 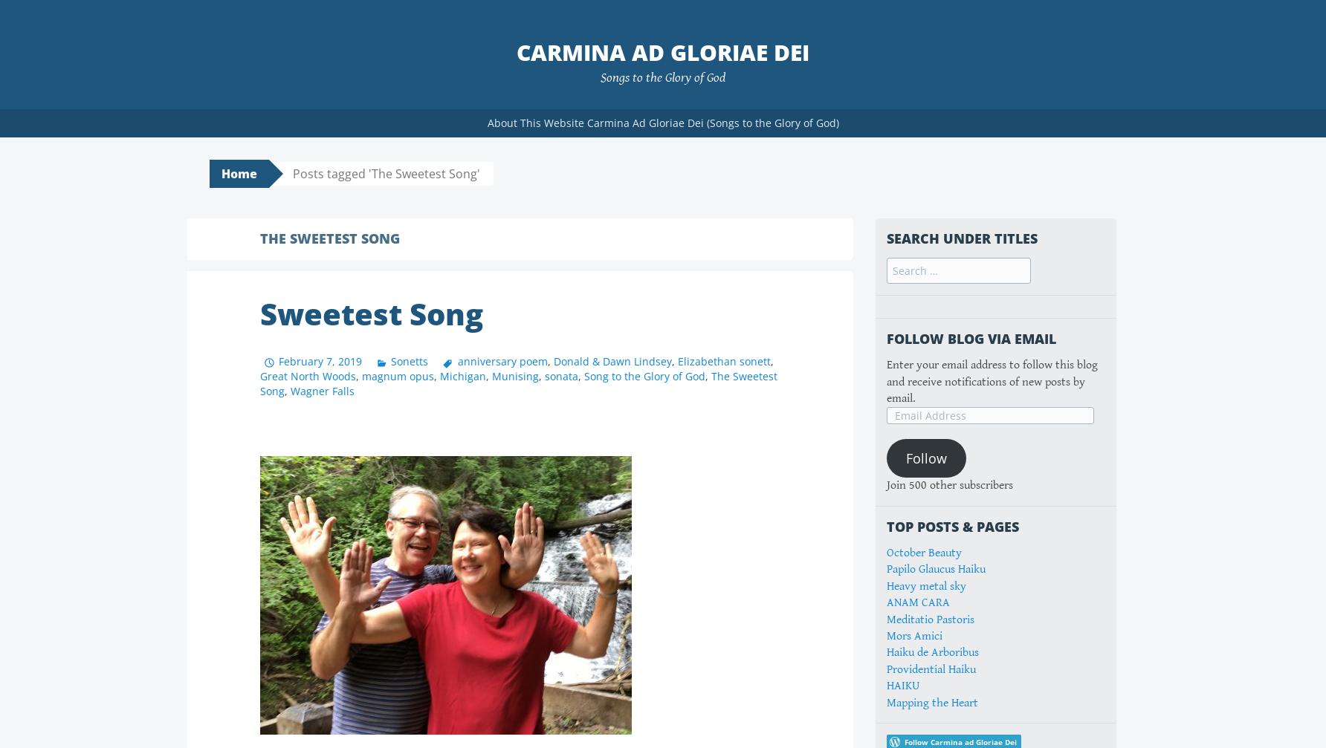 I want to click on 'October Beauty', so click(x=923, y=551).